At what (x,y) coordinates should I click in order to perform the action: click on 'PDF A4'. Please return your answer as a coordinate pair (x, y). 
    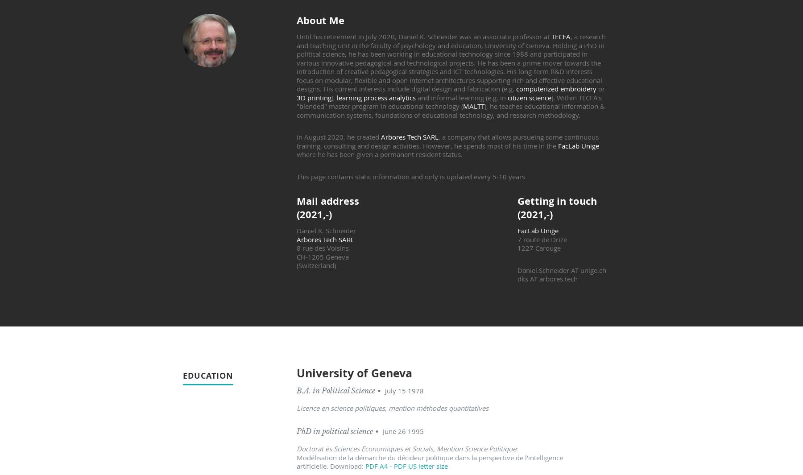
    Looking at the image, I should click on (377, 466).